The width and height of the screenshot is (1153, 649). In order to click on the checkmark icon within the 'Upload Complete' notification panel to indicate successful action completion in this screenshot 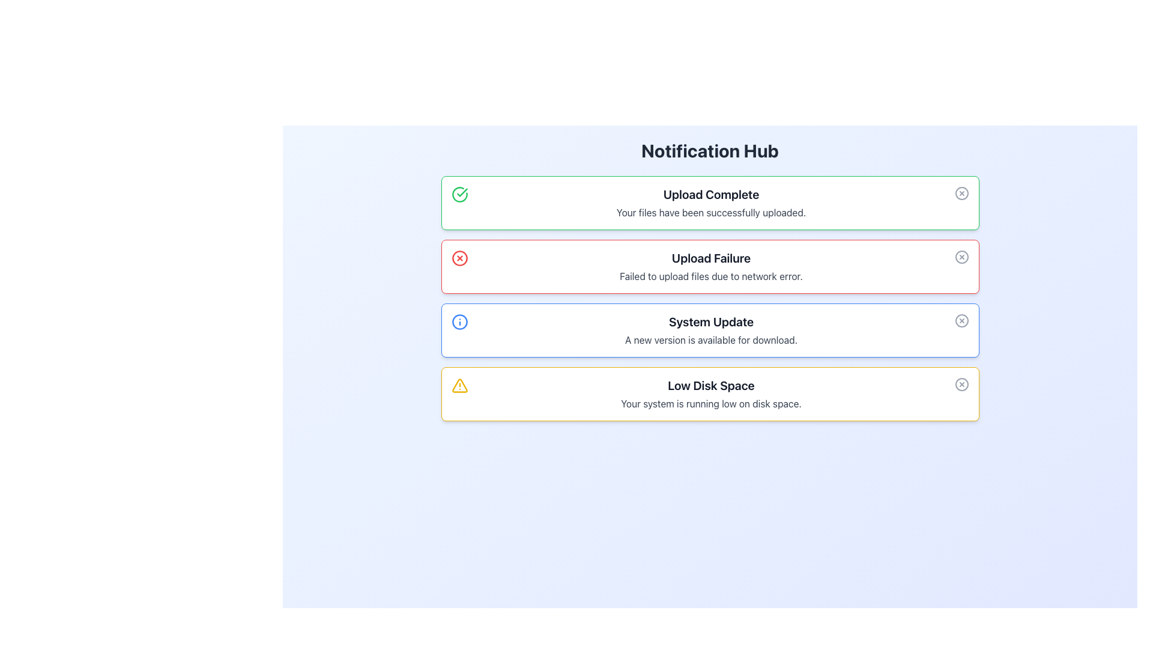, I will do `click(461, 192)`.